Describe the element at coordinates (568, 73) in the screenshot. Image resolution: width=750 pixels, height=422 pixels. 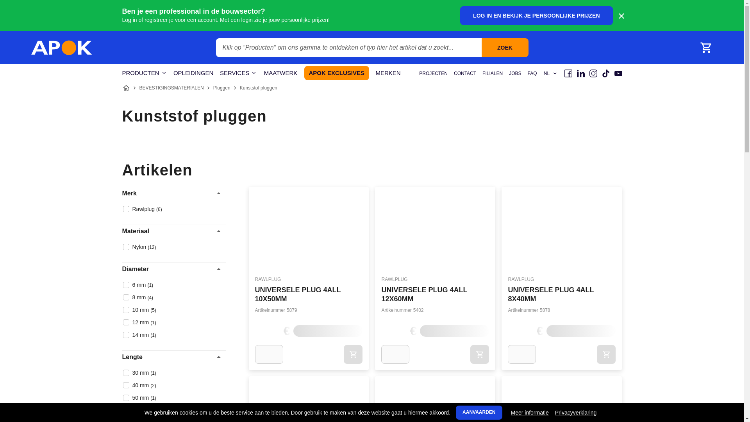
I see `'Facebook'` at that location.